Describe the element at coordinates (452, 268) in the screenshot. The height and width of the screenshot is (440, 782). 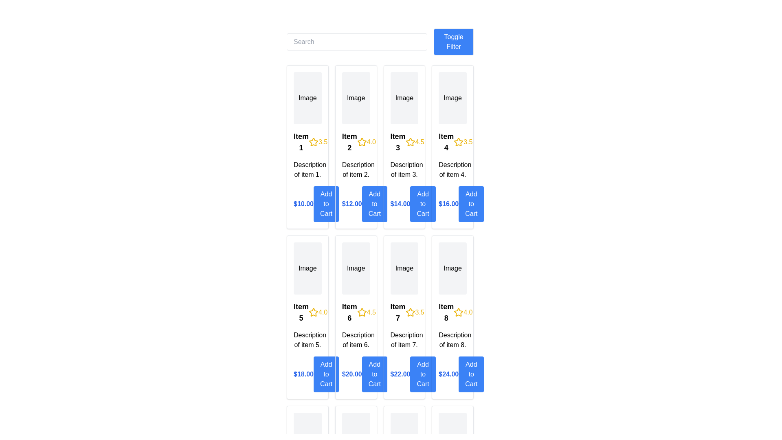
I see `the Image Placeholder element, which is a light gray box with the text 'Image' in the center, located in the vertical layout for 'Item 8'` at that location.